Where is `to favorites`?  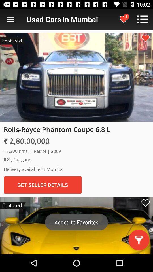 to favorites is located at coordinates (145, 203).